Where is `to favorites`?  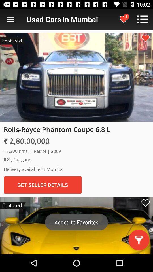 to favorites is located at coordinates (145, 203).